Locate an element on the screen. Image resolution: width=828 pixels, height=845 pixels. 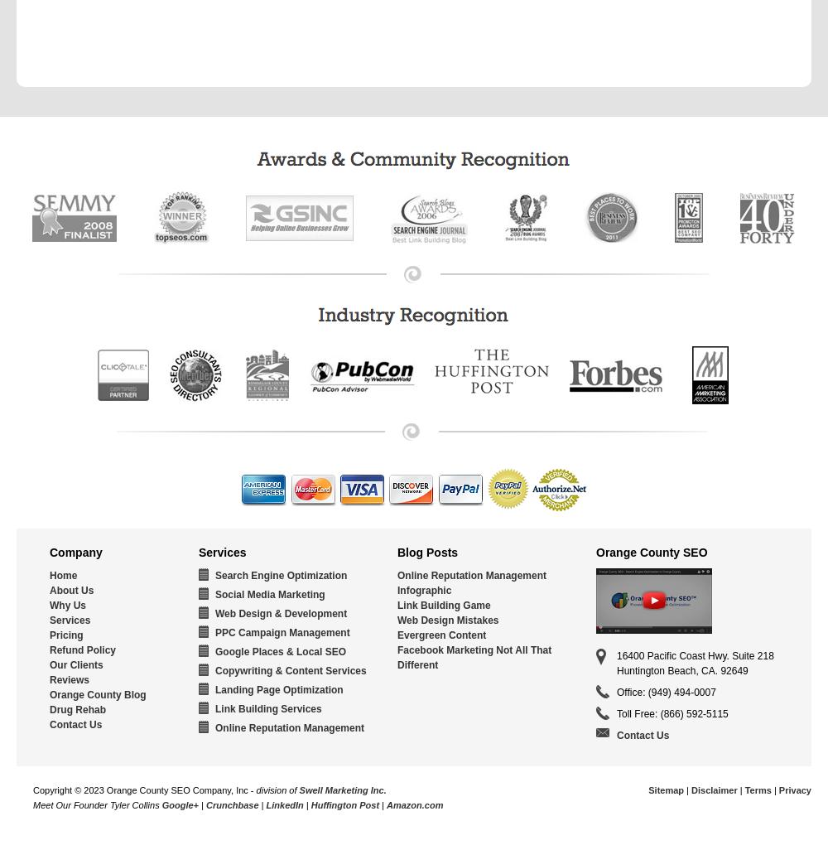
'Orange County SEO' is located at coordinates (652, 552).